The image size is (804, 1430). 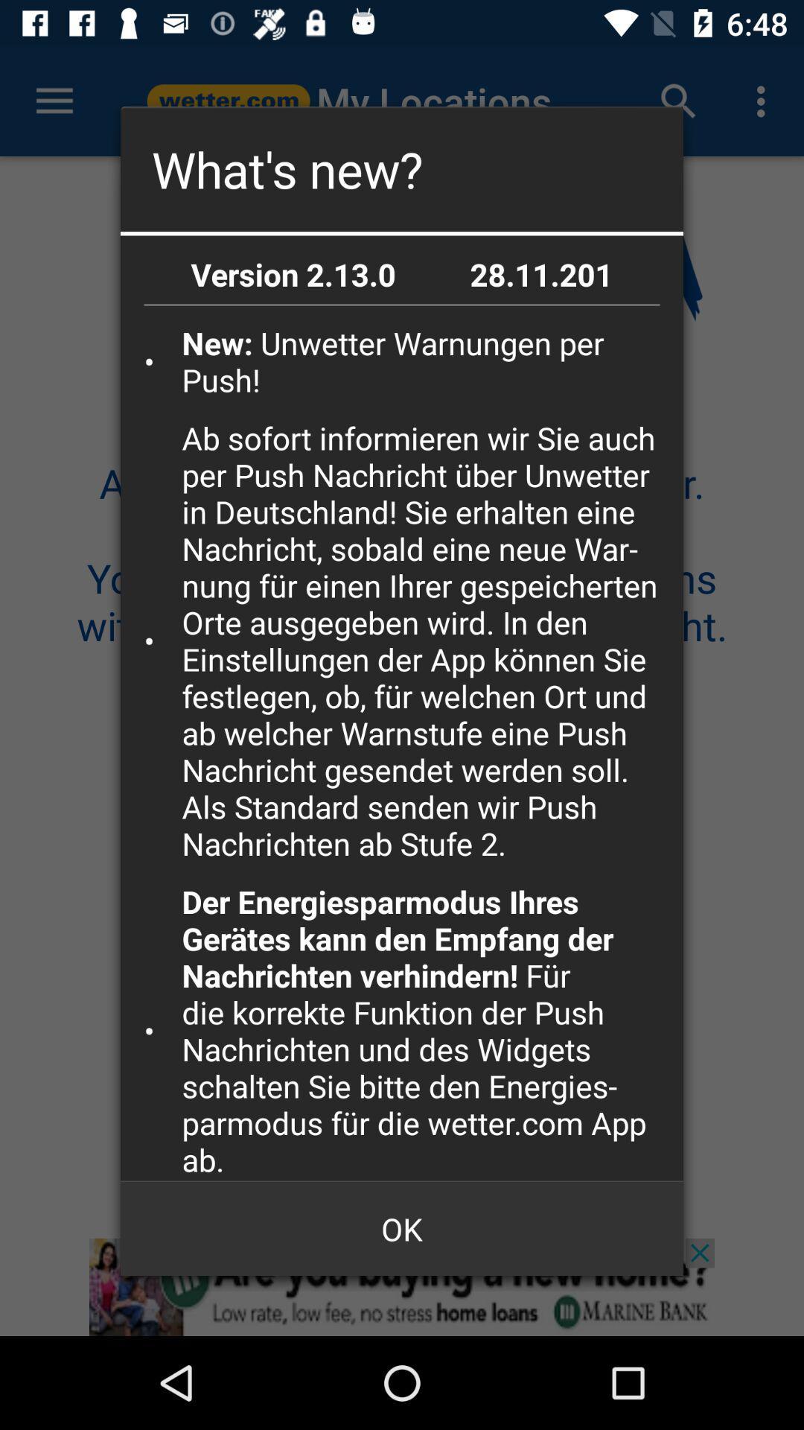 What do you see at coordinates (402, 1229) in the screenshot?
I see `ok` at bounding box center [402, 1229].